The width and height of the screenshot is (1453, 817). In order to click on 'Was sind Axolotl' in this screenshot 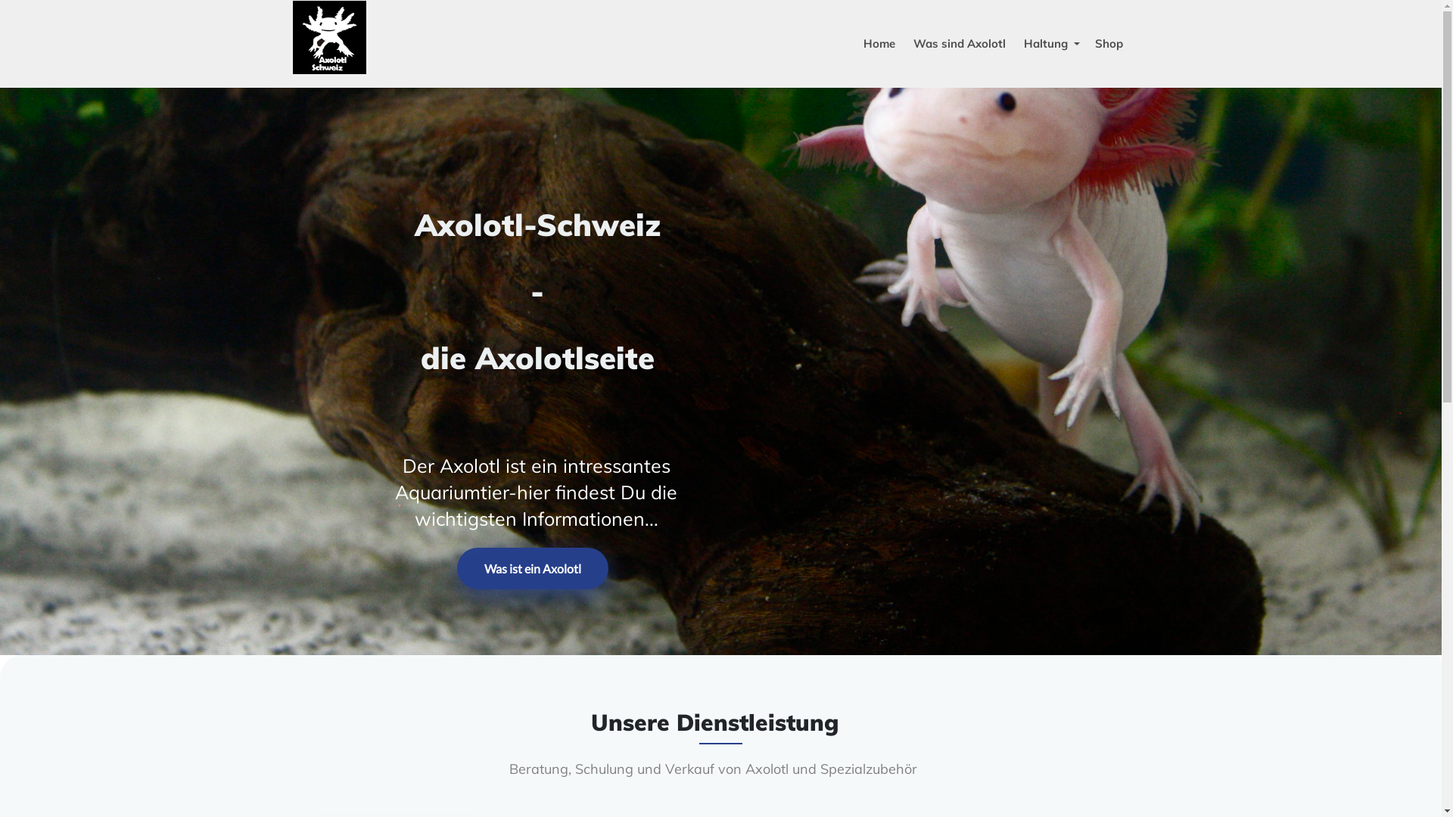, I will do `click(958, 42)`.